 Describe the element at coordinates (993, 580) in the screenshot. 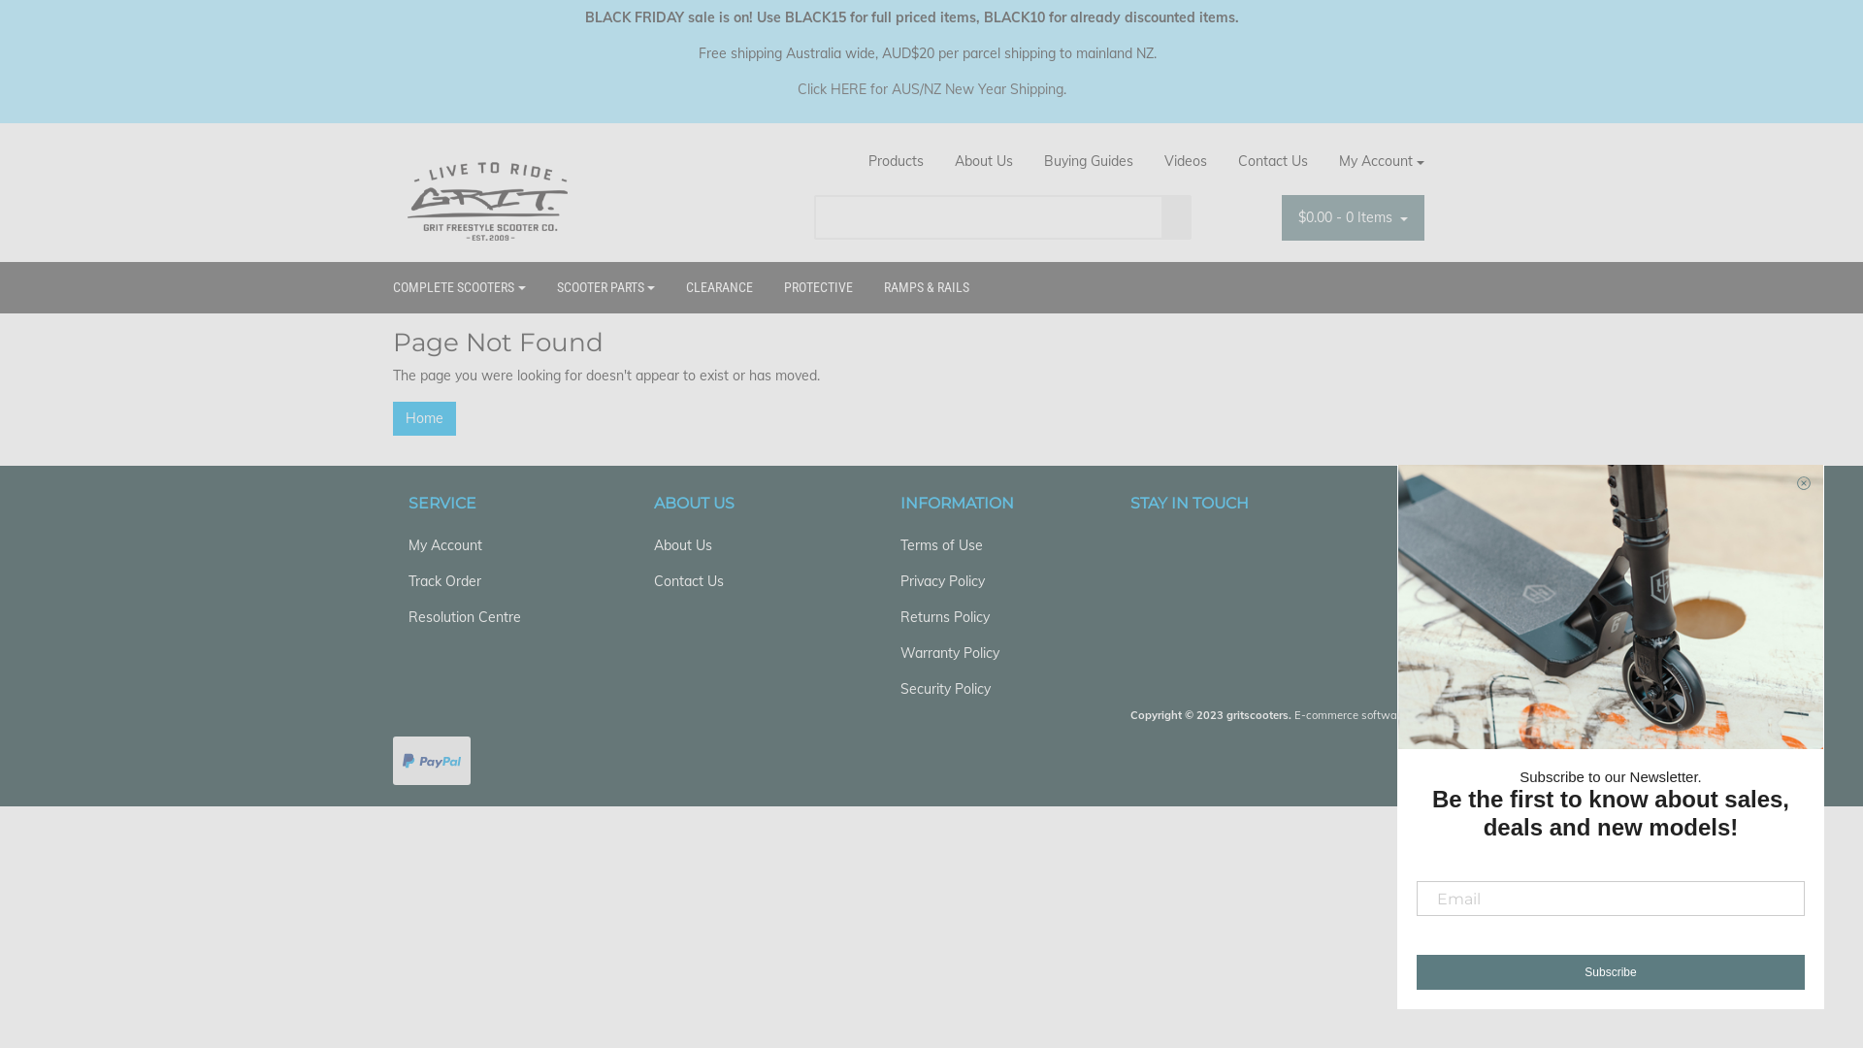

I see `'Privacy Policy'` at that location.